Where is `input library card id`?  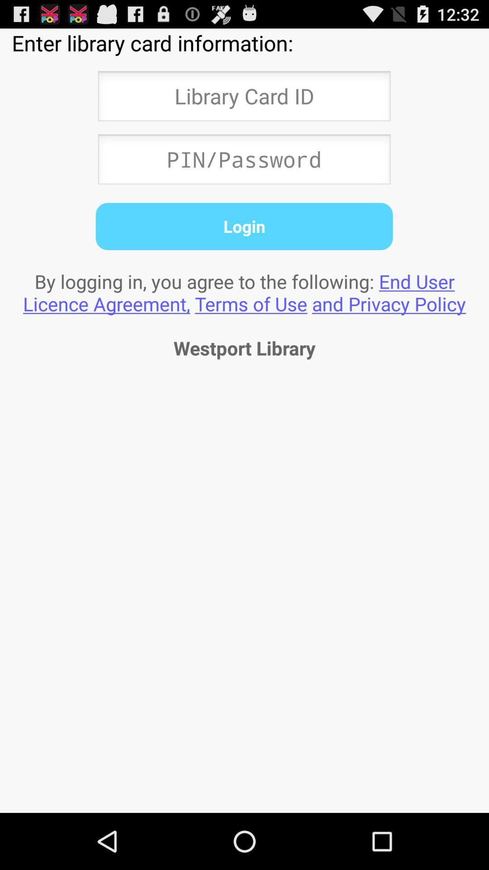
input library card id is located at coordinates (244, 99).